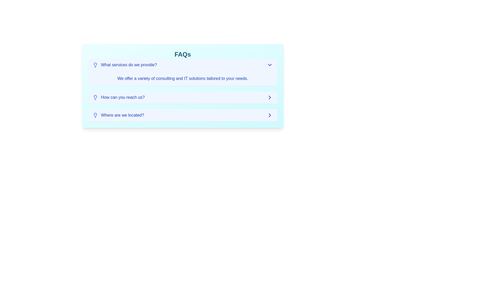  What do you see at coordinates (183, 79) in the screenshot?
I see `informational text block containing the sentence: 'We offer a variety of consulting and IT solutions tailored to your needs.' This block is styled with a light blue background and dark blue text, positioned in the FAQ section below the question 'What services do we provide?'` at bounding box center [183, 79].